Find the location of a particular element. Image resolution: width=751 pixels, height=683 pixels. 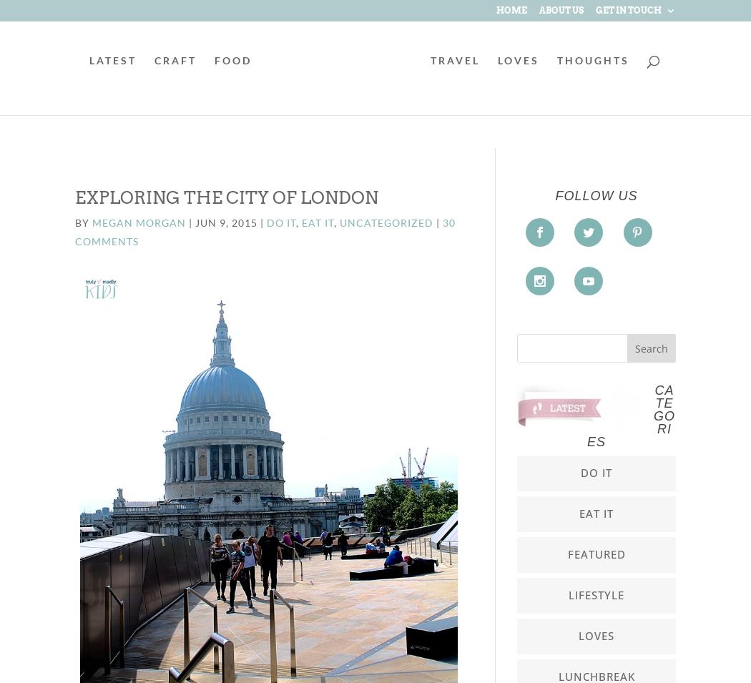

'LATEST' is located at coordinates (88, 93).